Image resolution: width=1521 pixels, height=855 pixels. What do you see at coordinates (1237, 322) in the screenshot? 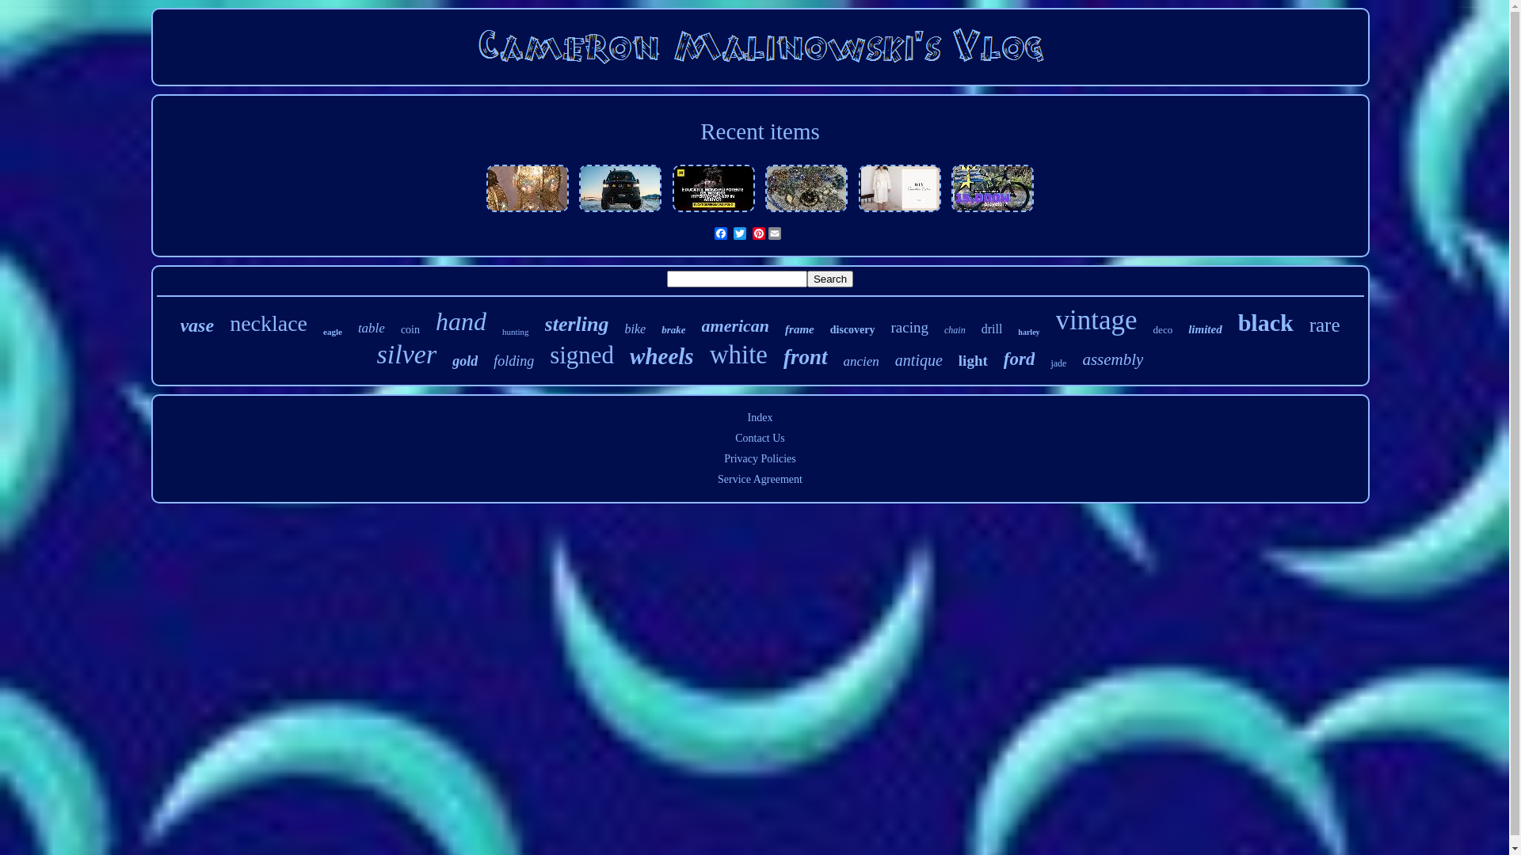
I see `'black'` at bounding box center [1237, 322].